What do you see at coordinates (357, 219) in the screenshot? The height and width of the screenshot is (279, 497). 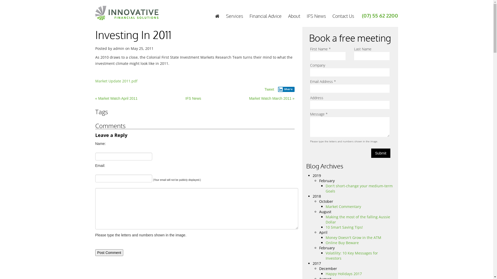 I see `'Making the most of the falling Aussie Dollar'` at bounding box center [357, 219].